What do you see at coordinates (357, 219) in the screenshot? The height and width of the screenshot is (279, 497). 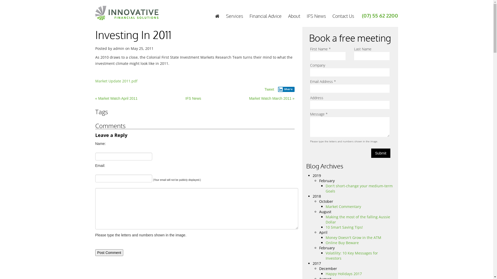 I see `'Making the most of the falling Aussie Dollar'` at bounding box center [357, 219].